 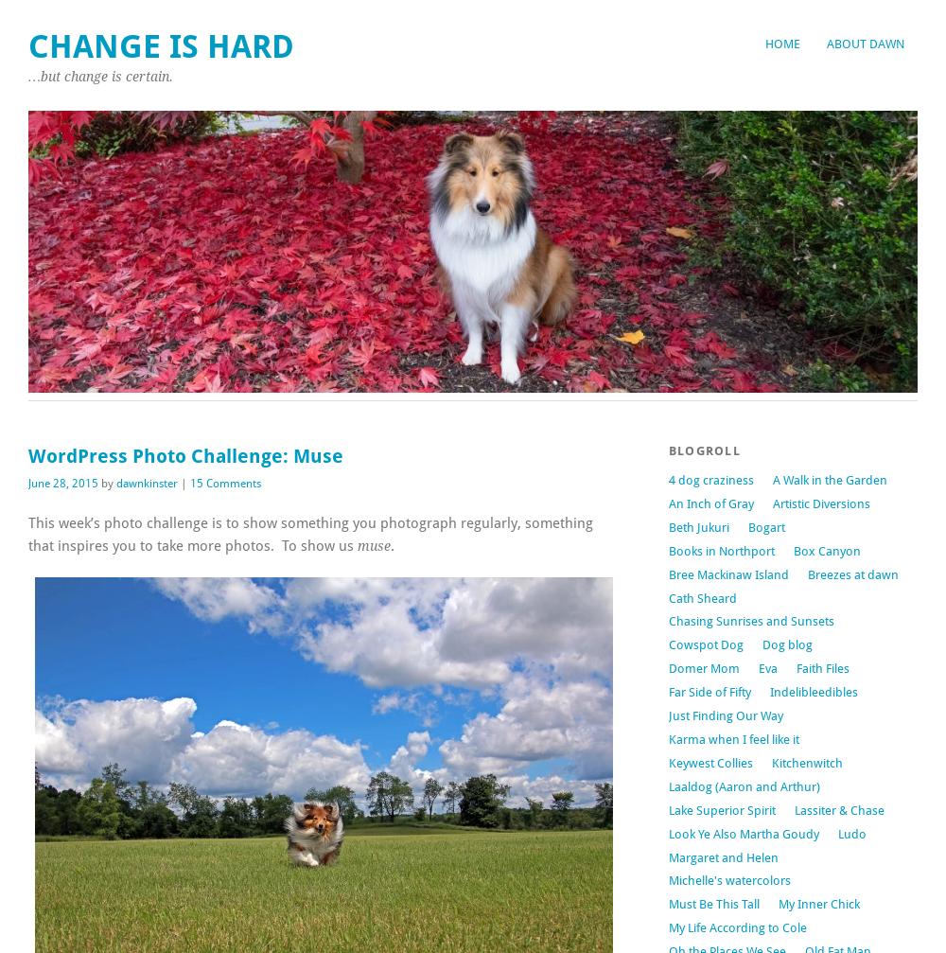 What do you see at coordinates (184, 456) in the screenshot?
I see `'WordPress Photo Challenge: Muse'` at bounding box center [184, 456].